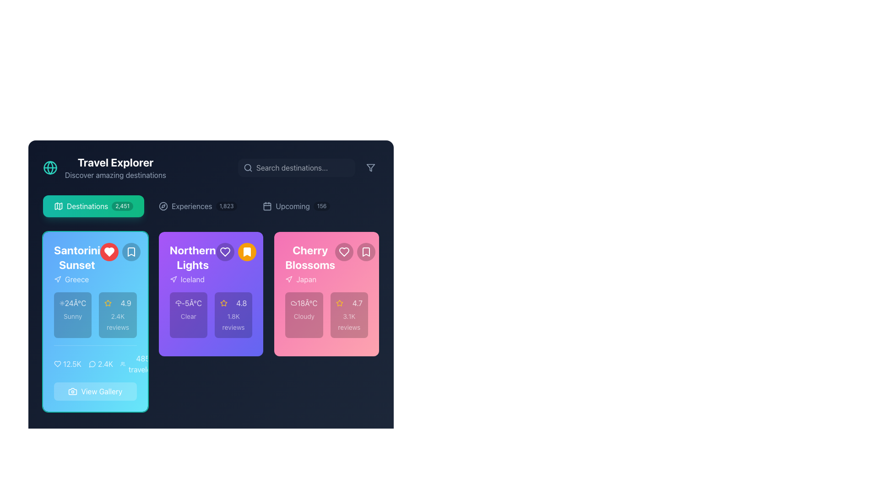 The height and width of the screenshot is (494, 879). Describe the element at coordinates (102, 391) in the screenshot. I see `the 'View Gallery' button, which is a bold white text label on a light blue rounded background, located at the bottom of the 'Santorini Sunset' card` at that location.